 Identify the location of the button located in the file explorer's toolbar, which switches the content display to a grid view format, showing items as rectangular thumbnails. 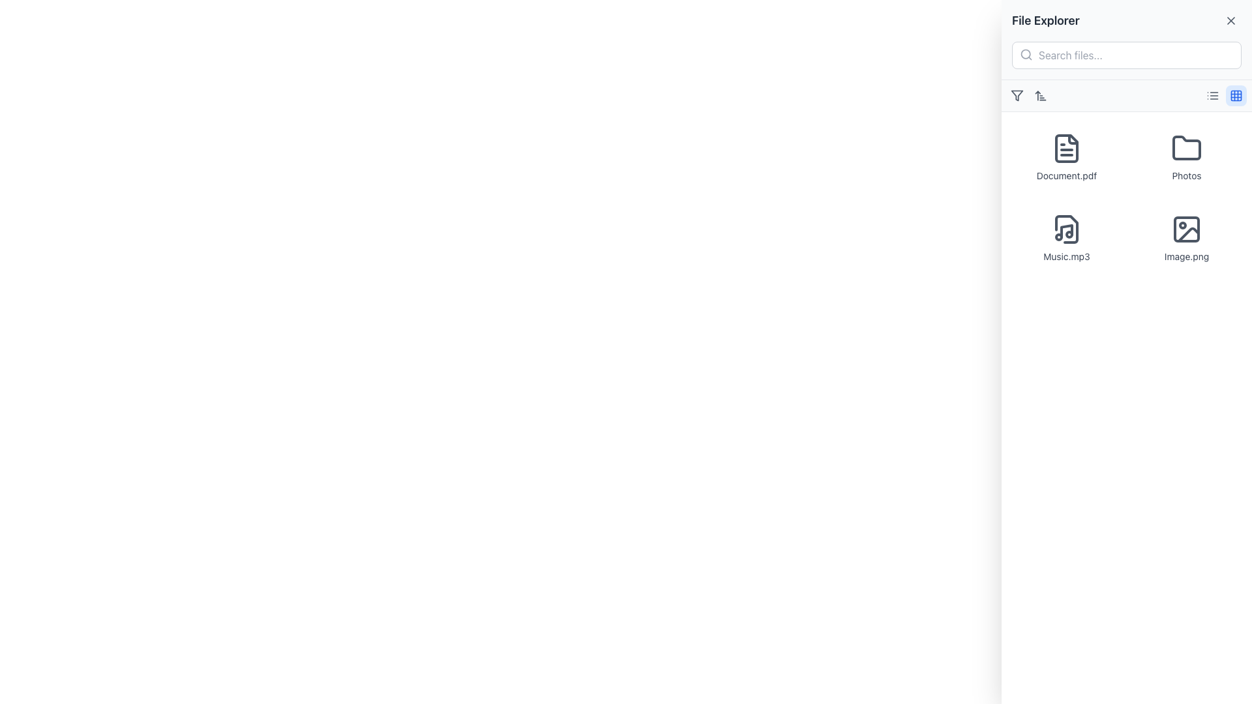
(1223, 95).